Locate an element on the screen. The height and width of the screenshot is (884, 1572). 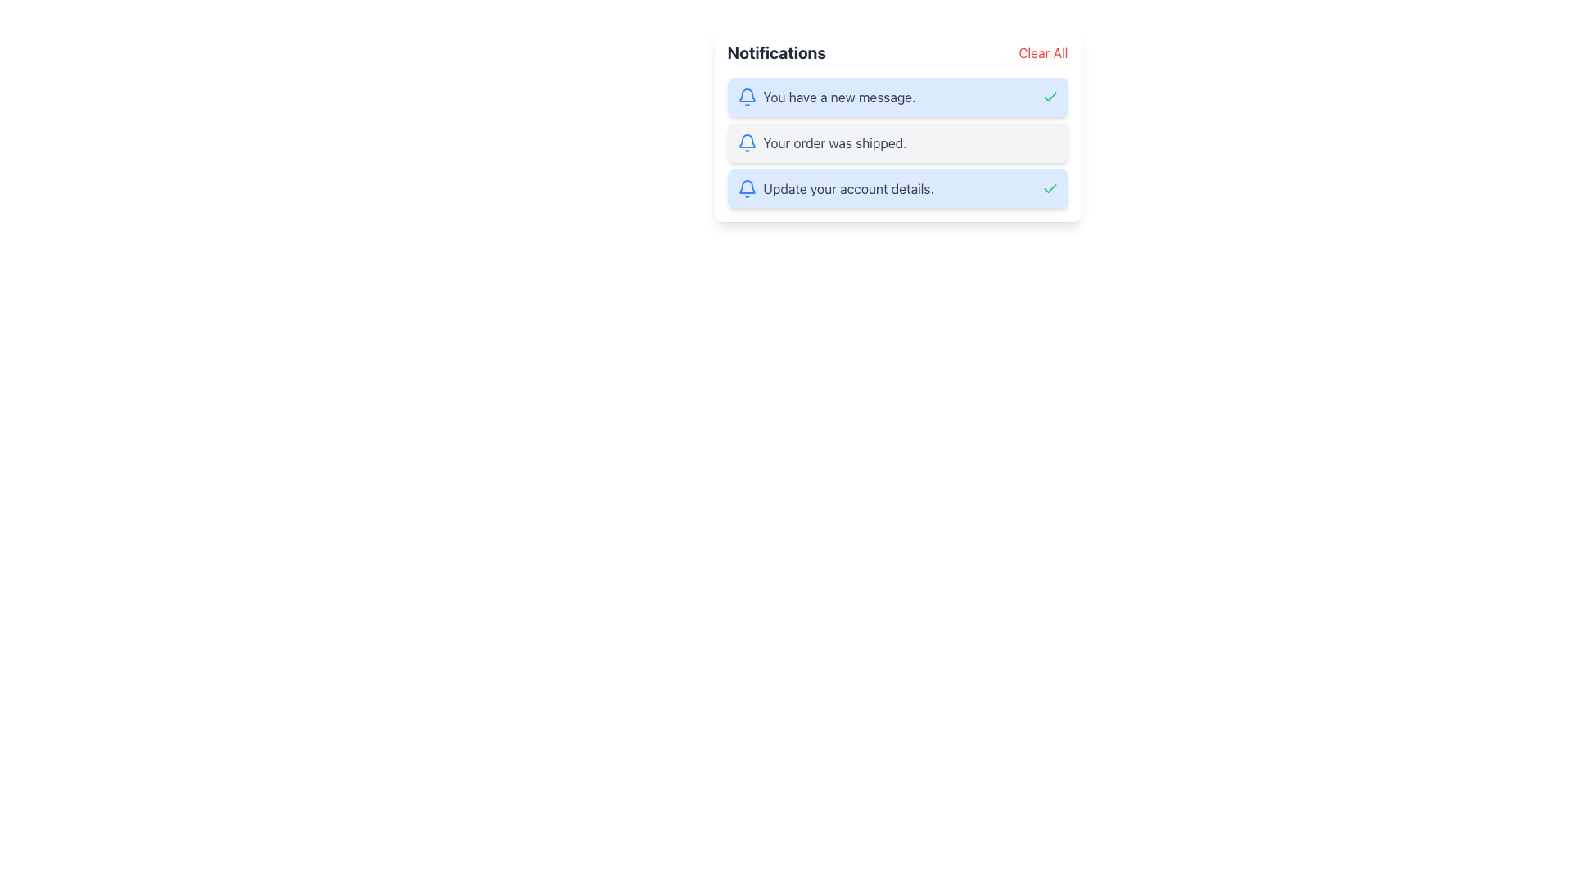
the text label located in the bottom-most notification card, which prompts the user to update their account details is located at coordinates (848, 188).